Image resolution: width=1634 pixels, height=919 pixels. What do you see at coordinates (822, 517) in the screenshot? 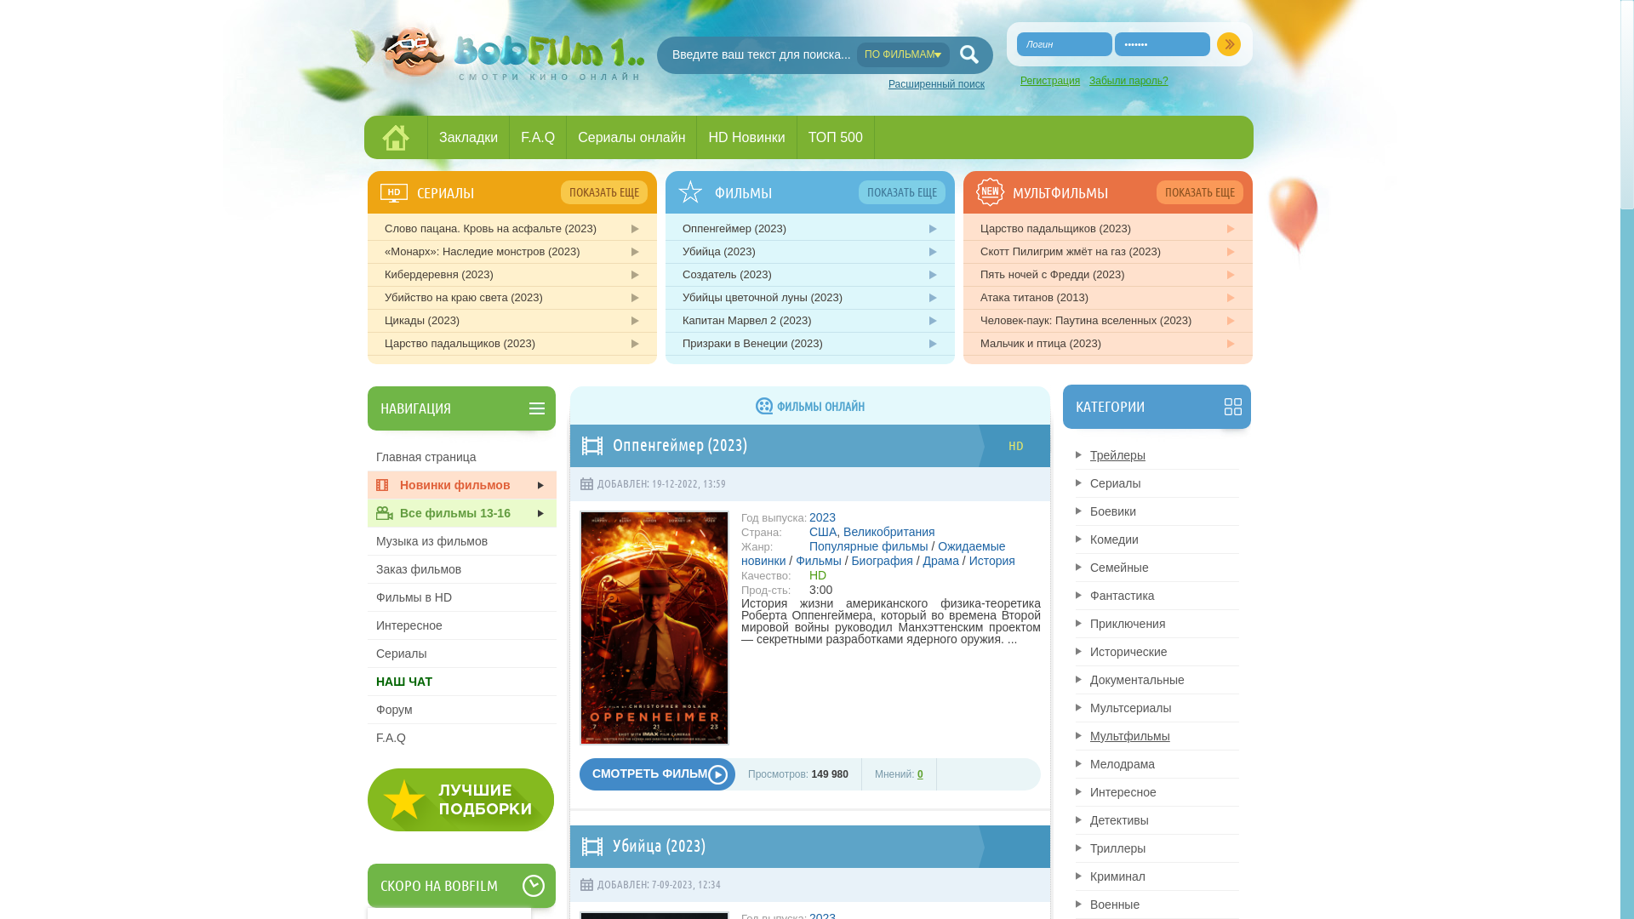
I see `'2023'` at bounding box center [822, 517].